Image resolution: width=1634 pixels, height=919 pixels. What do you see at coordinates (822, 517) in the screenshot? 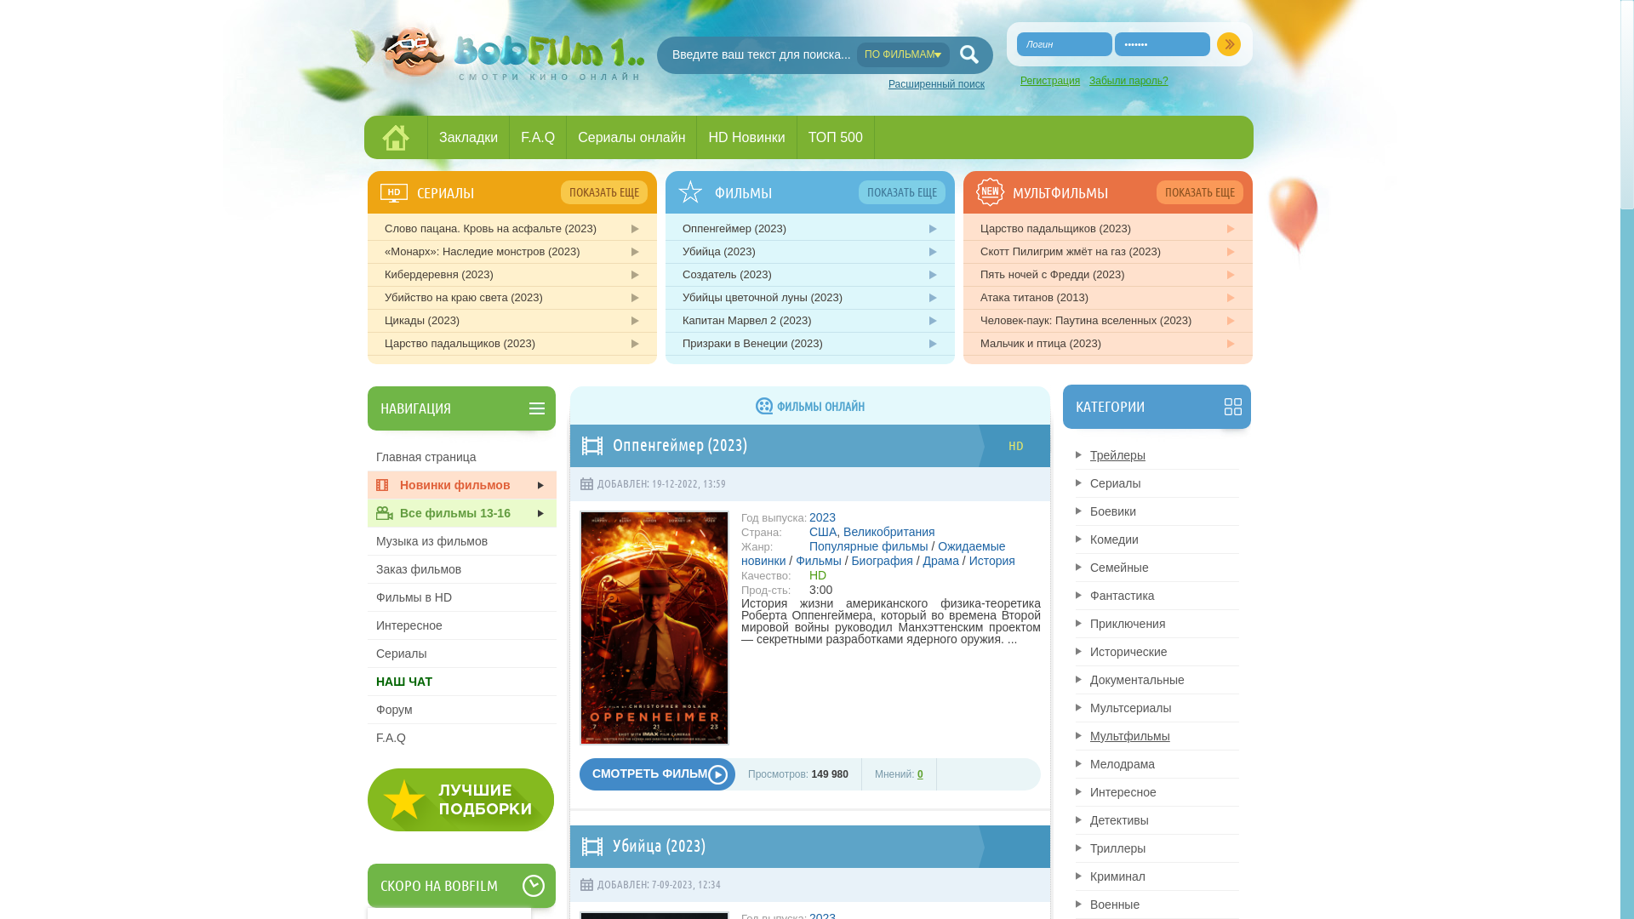
I see `'2023'` at bounding box center [822, 517].